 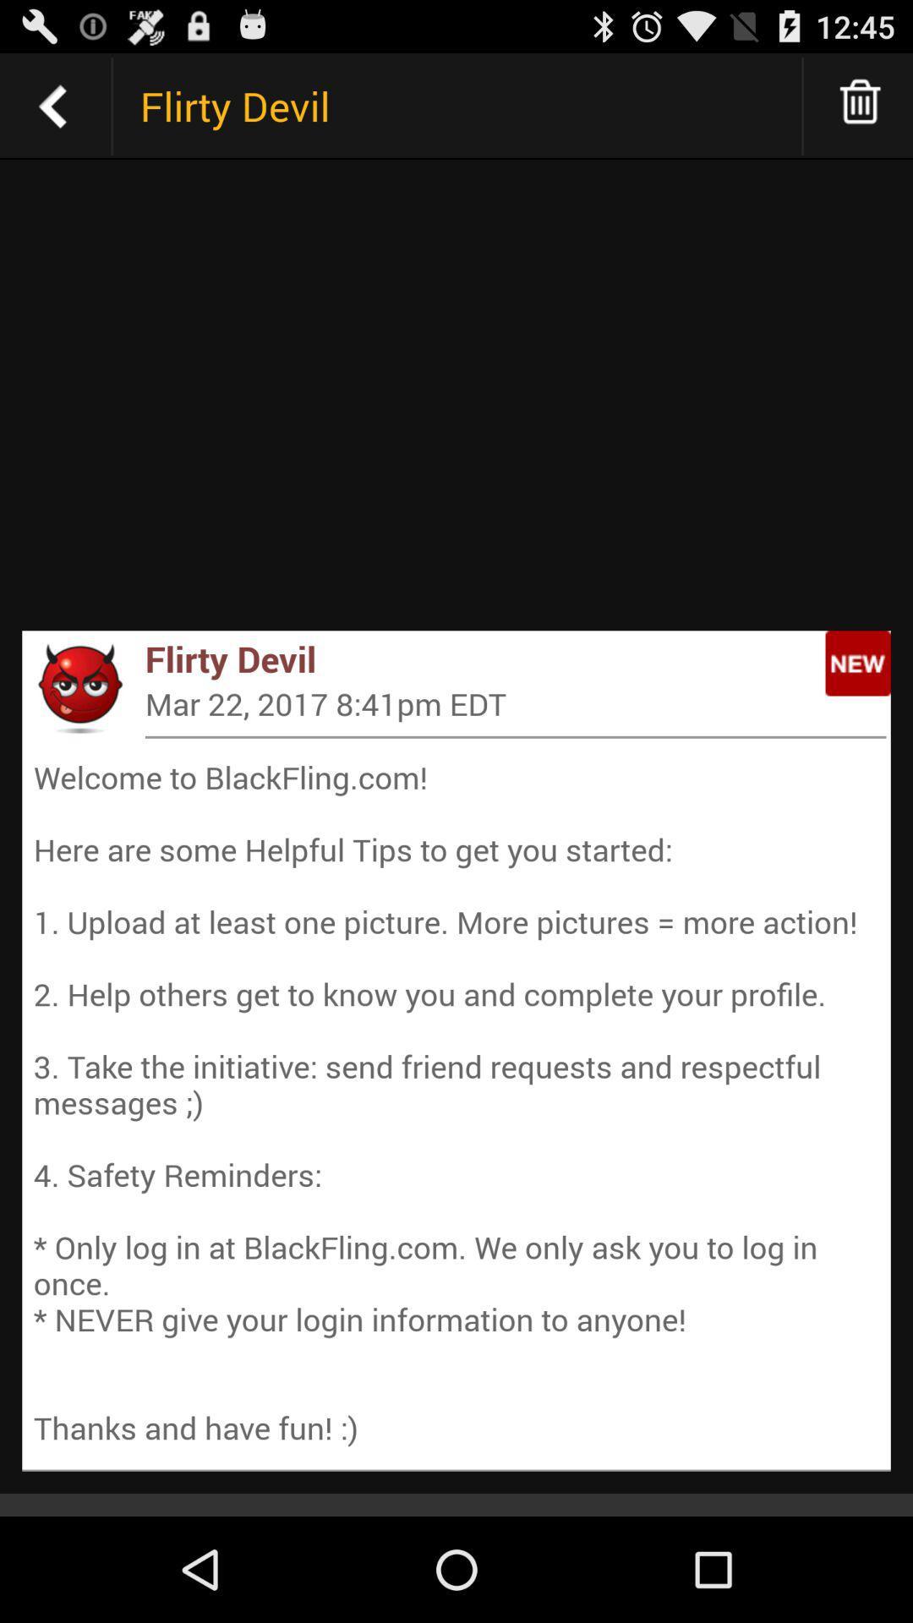 What do you see at coordinates (79, 687) in the screenshot?
I see `the item above the welcome to blackfling` at bounding box center [79, 687].